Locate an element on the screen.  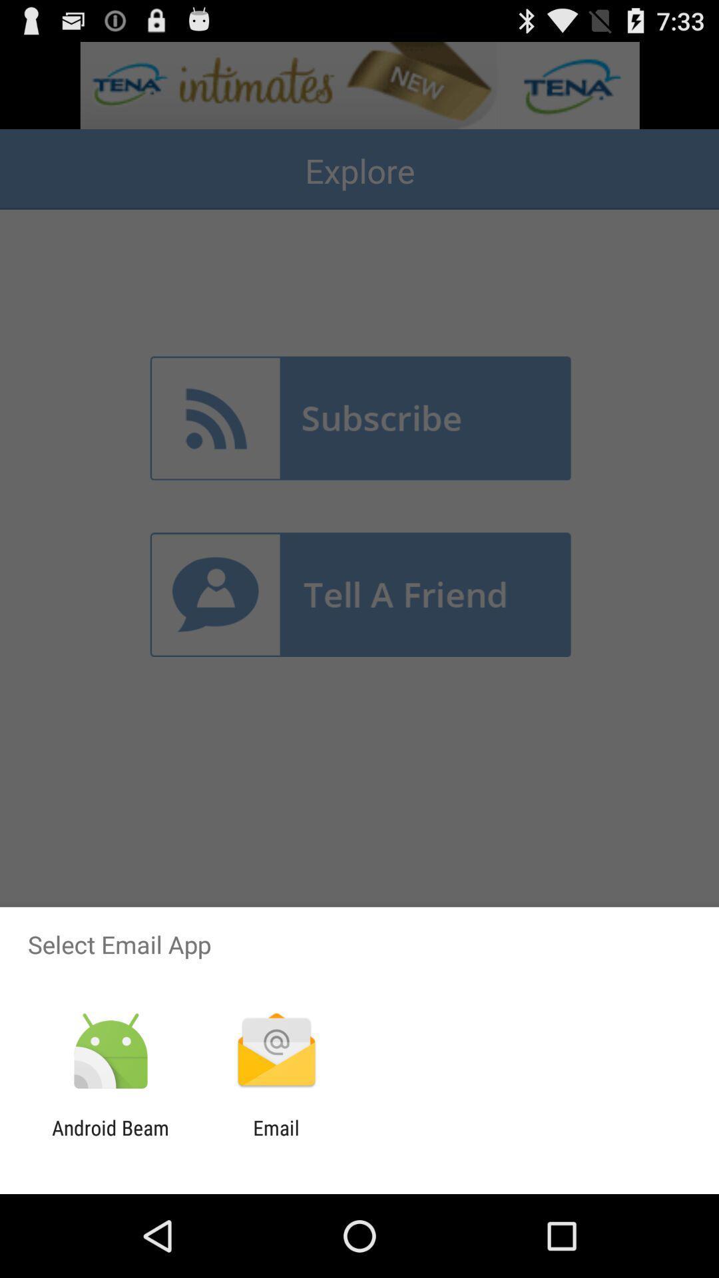
the icon to the left of email item is located at coordinates (110, 1139).